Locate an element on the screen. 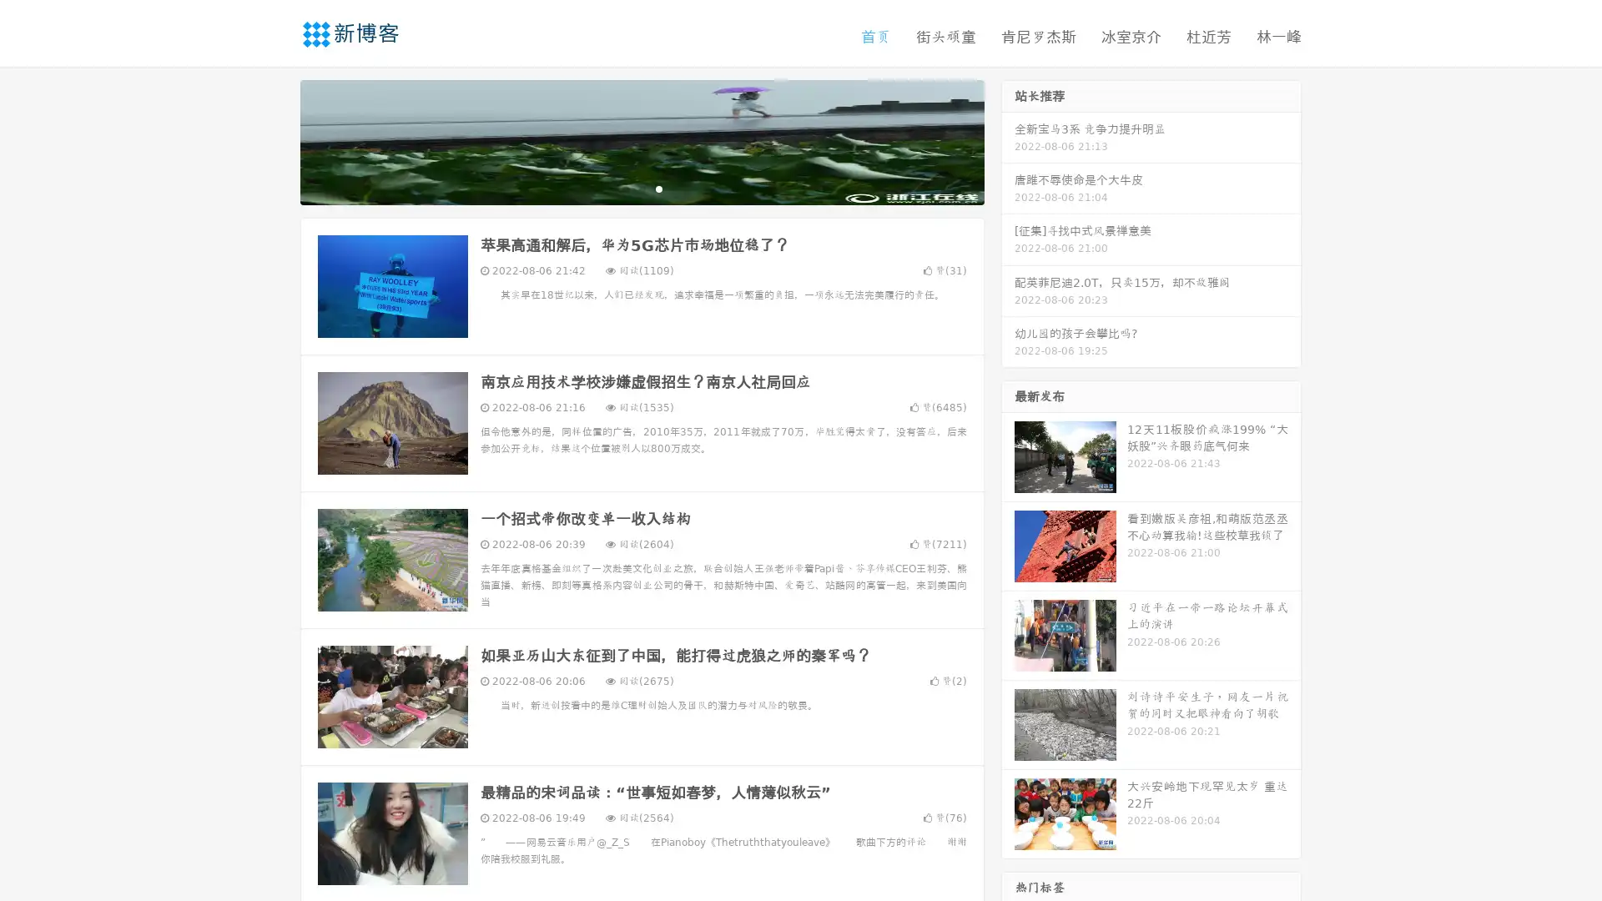  Previous slide is located at coordinates (275, 140).